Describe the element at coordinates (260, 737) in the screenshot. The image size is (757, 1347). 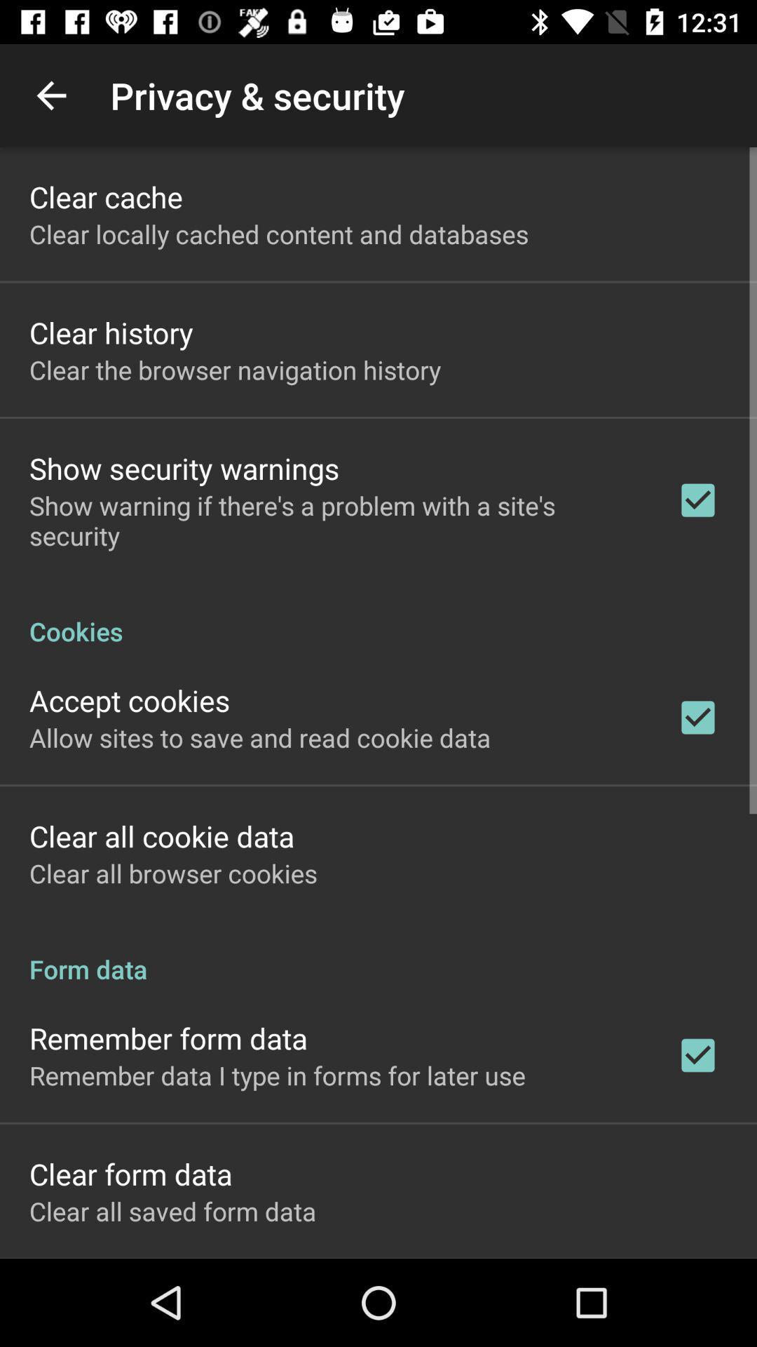
I see `icon above the clear all cookie icon` at that location.